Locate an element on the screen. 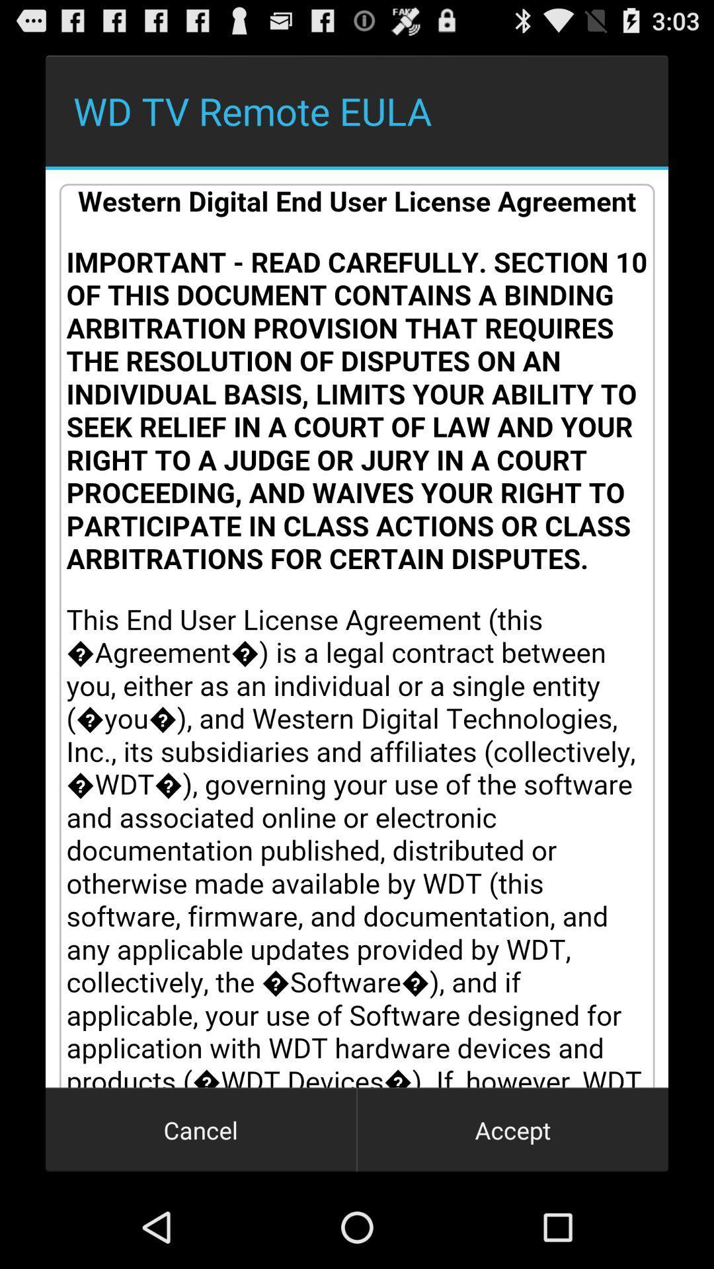 The width and height of the screenshot is (714, 1269). about wd tv remote is located at coordinates (357, 628).